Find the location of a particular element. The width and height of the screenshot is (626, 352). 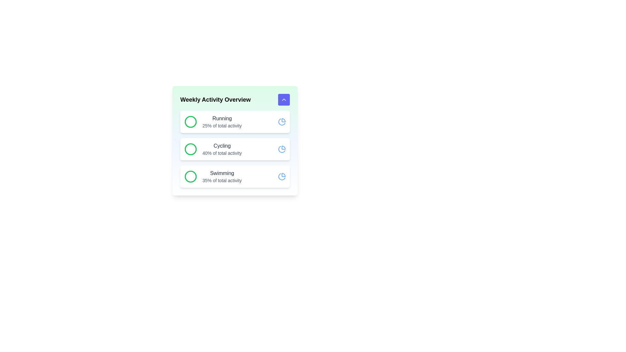

the visual indicator icon representing the overview of the 'Cycling' activity, located in the second section of the 'Weekly Activity Overview' card, aligned to the right of the text '40% of total activity' is located at coordinates (282, 149).